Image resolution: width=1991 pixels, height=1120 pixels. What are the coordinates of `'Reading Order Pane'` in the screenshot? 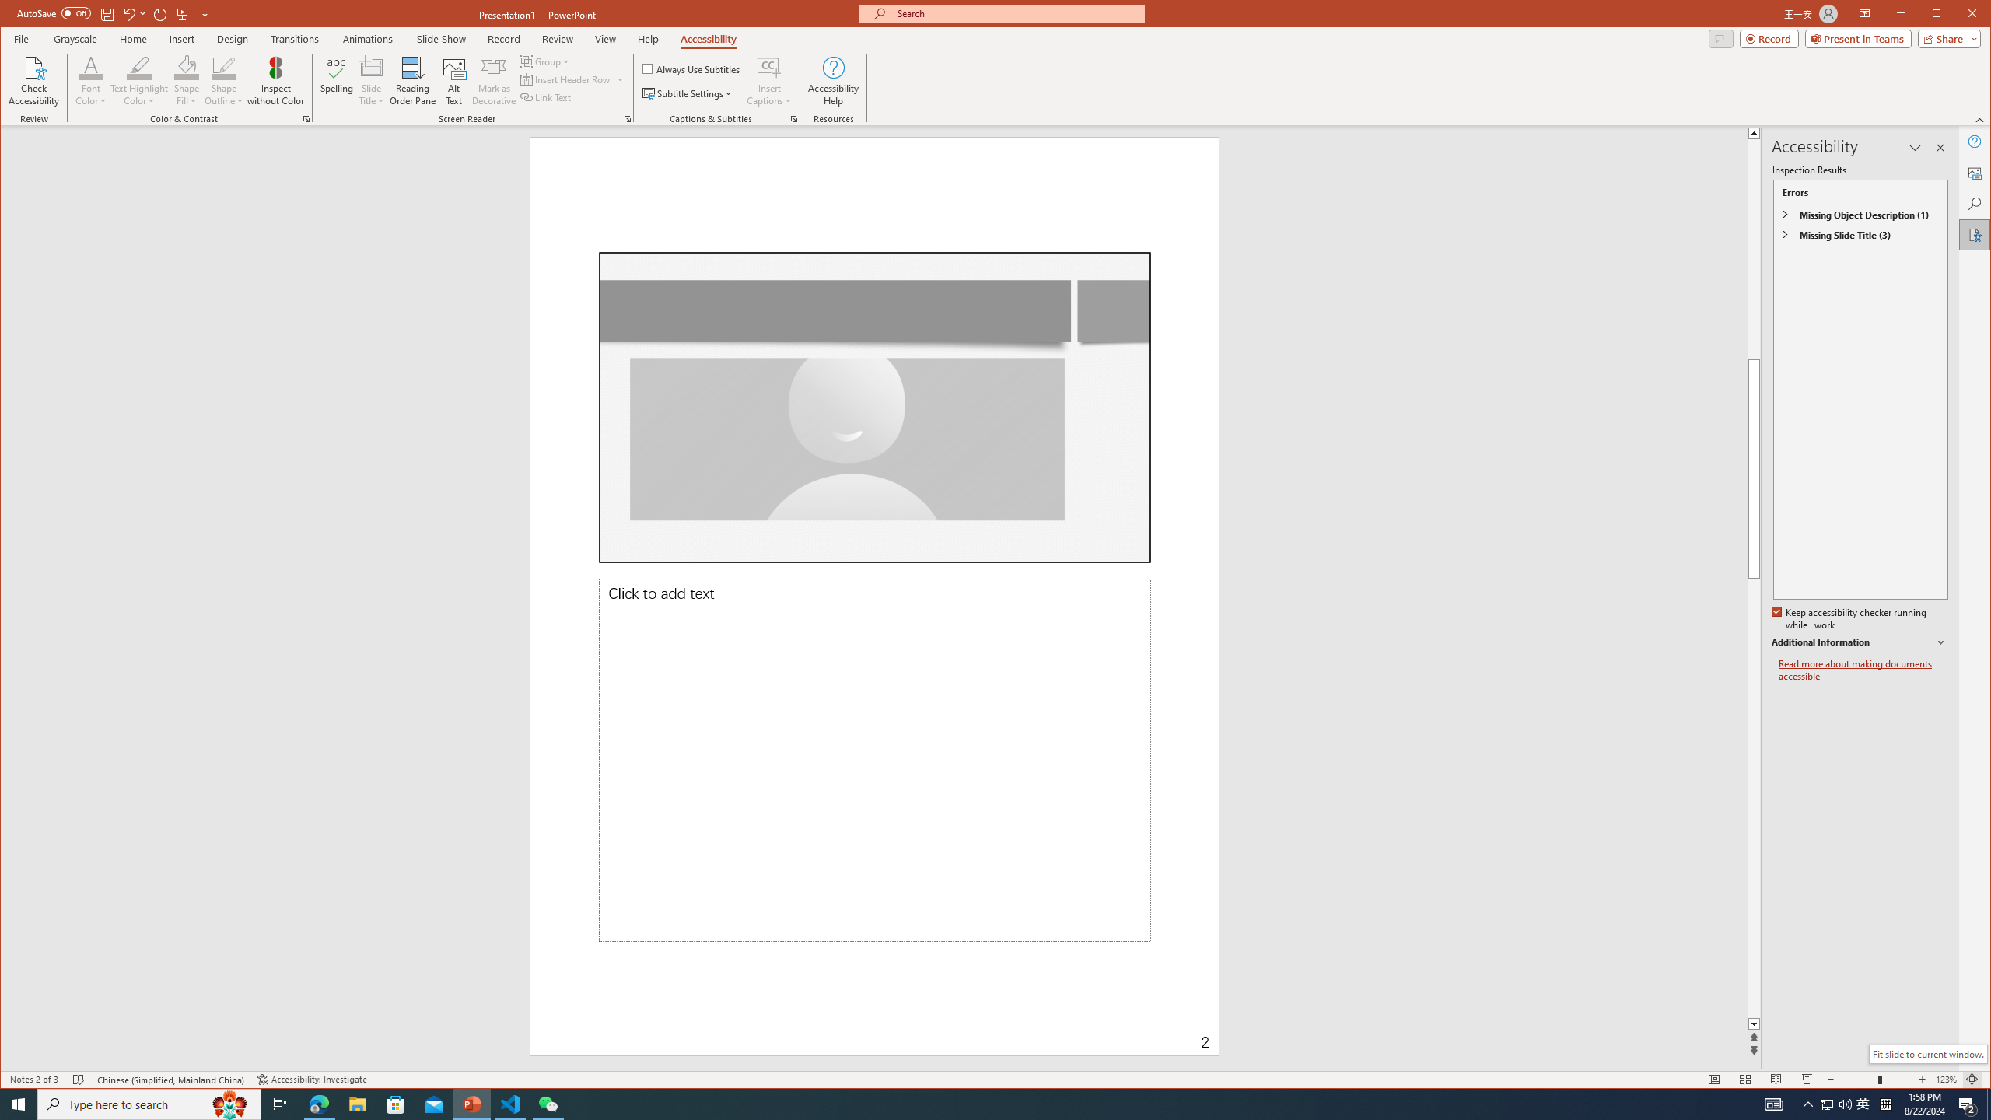 It's located at (412, 80).